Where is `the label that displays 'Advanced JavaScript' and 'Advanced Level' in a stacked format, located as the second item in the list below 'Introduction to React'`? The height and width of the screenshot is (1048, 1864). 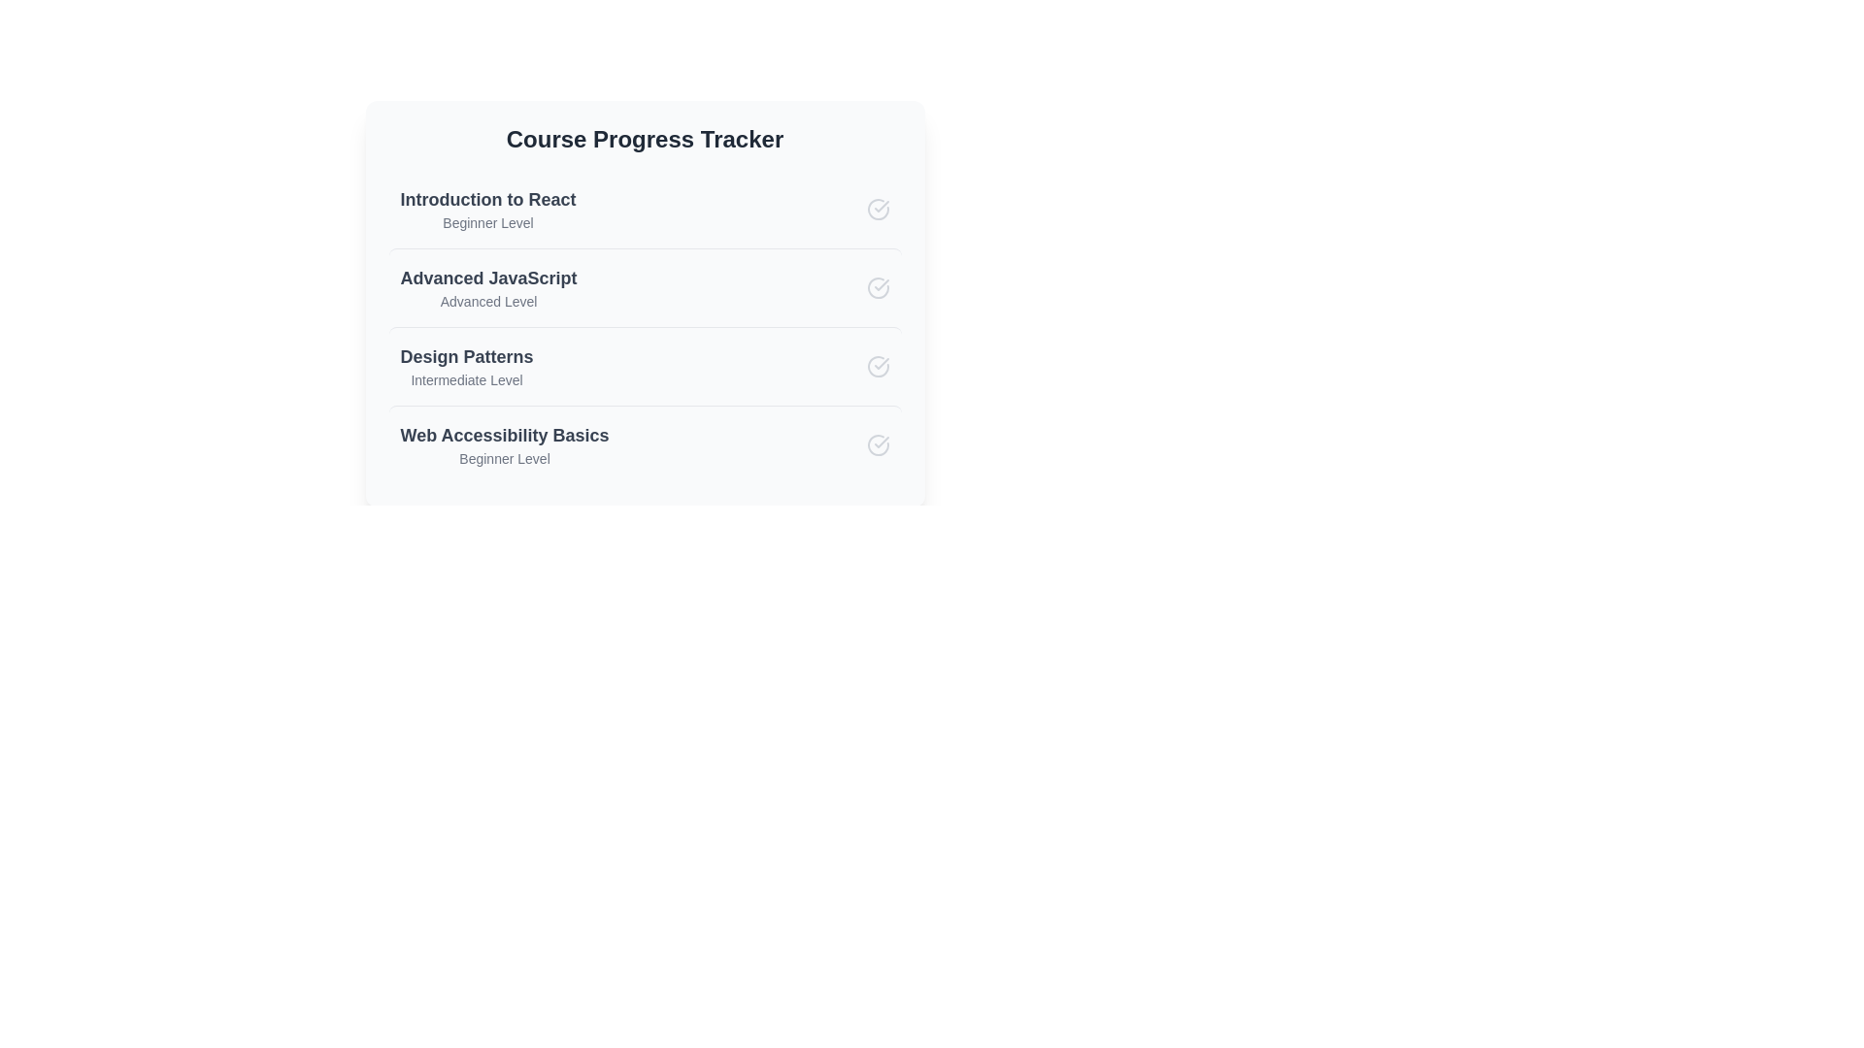 the label that displays 'Advanced JavaScript' and 'Advanced Level' in a stacked format, located as the second item in the list below 'Introduction to React' is located at coordinates (488, 288).